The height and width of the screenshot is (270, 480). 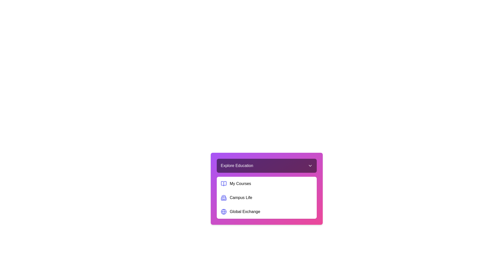 What do you see at coordinates (266, 212) in the screenshot?
I see `the list item labeled 'Global Exchange'` at bounding box center [266, 212].